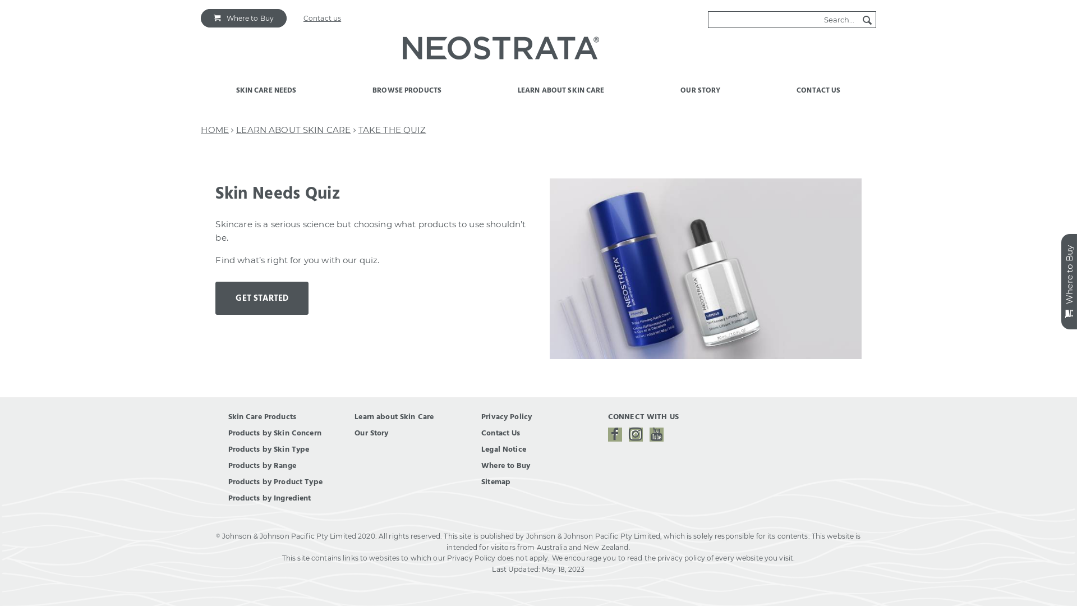 This screenshot has height=606, width=1077. Describe the element at coordinates (274, 432) in the screenshot. I see `'Products by Skin Concern'` at that location.